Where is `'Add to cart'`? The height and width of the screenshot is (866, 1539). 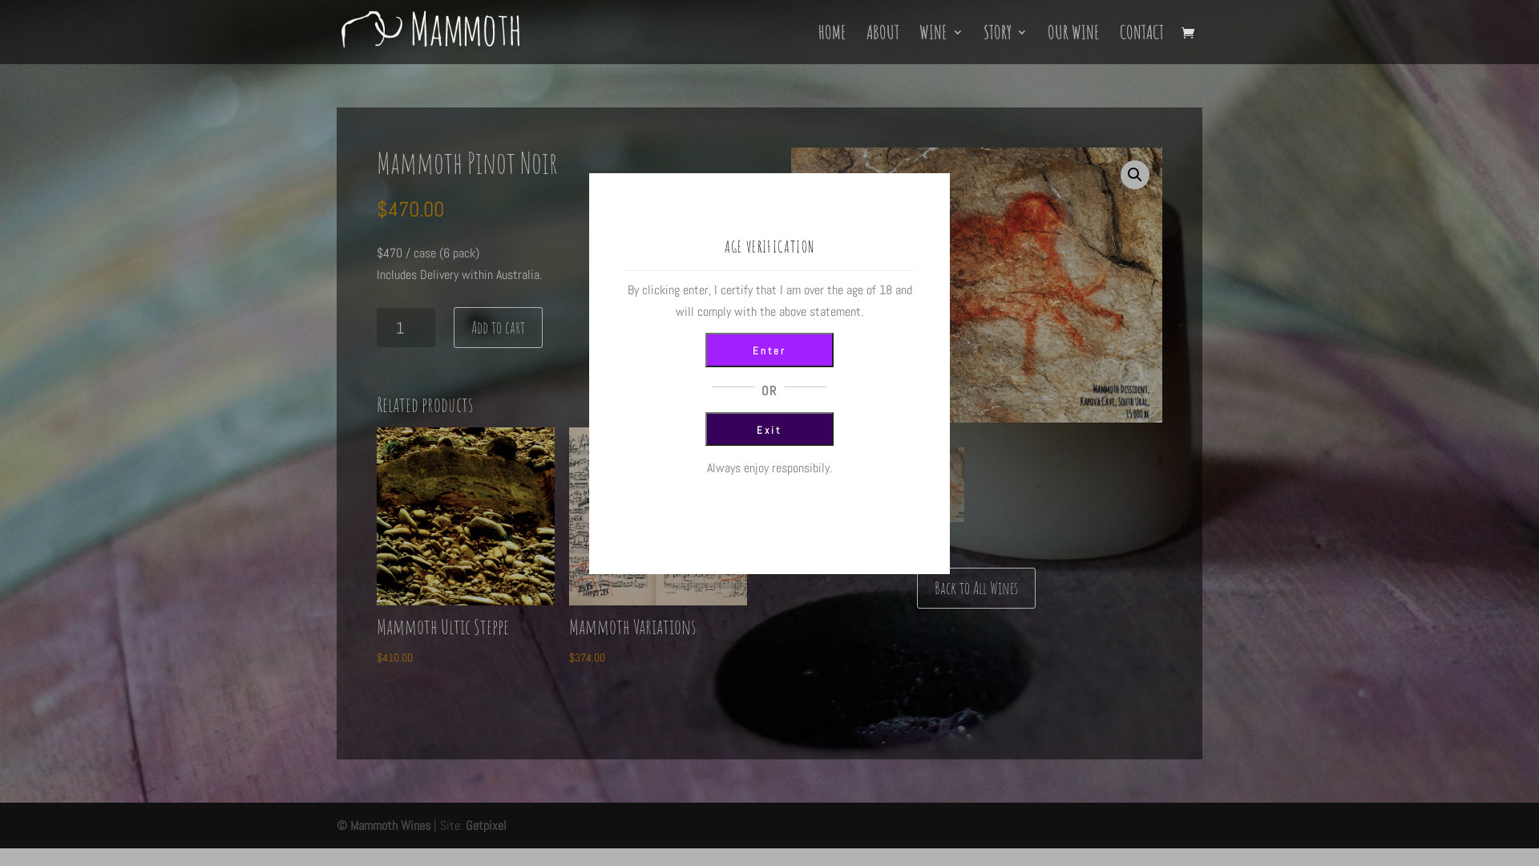
'Add to cart' is located at coordinates (497, 326).